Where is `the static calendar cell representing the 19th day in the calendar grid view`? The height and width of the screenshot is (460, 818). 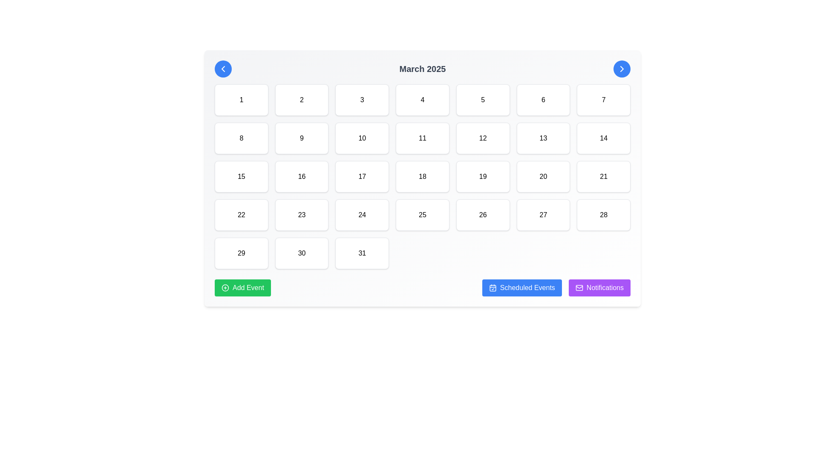
the static calendar cell representing the 19th day in the calendar grid view is located at coordinates (483, 176).